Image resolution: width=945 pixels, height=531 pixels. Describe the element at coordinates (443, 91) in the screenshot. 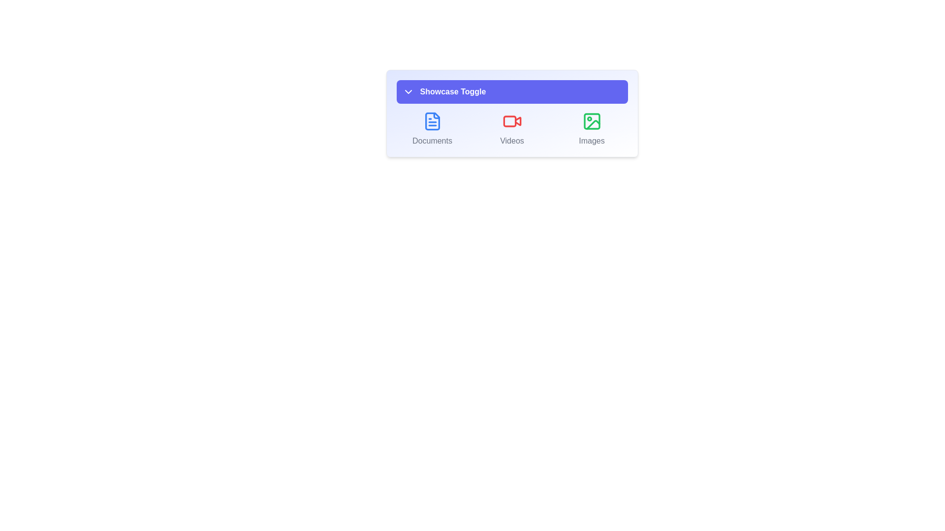

I see `the Text label with an accompanying icon located in the purple bar near the top-left of a card-like component` at that location.